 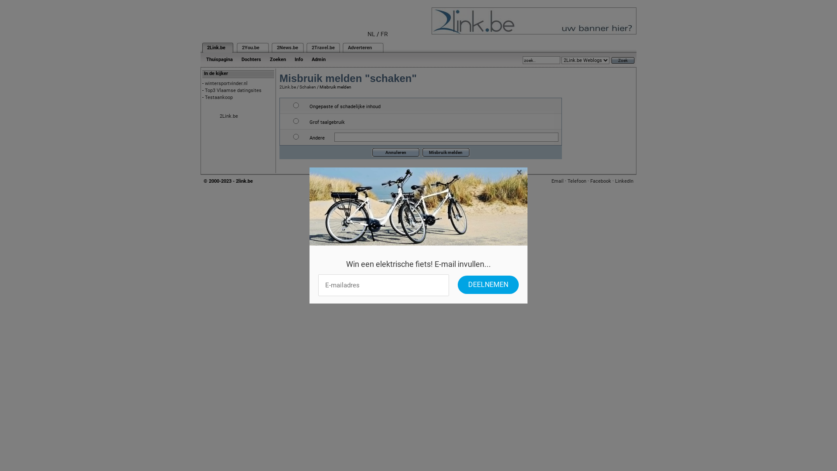 What do you see at coordinates (226, 83) in the screenshot?
I see `'wintersportvinder.nl'` at bounding box center [226, 83].